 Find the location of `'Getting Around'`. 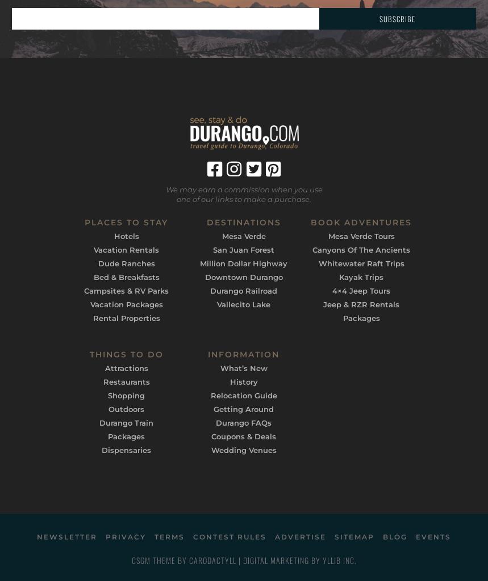

'Getting Around' is located at coordinates (243, 407).